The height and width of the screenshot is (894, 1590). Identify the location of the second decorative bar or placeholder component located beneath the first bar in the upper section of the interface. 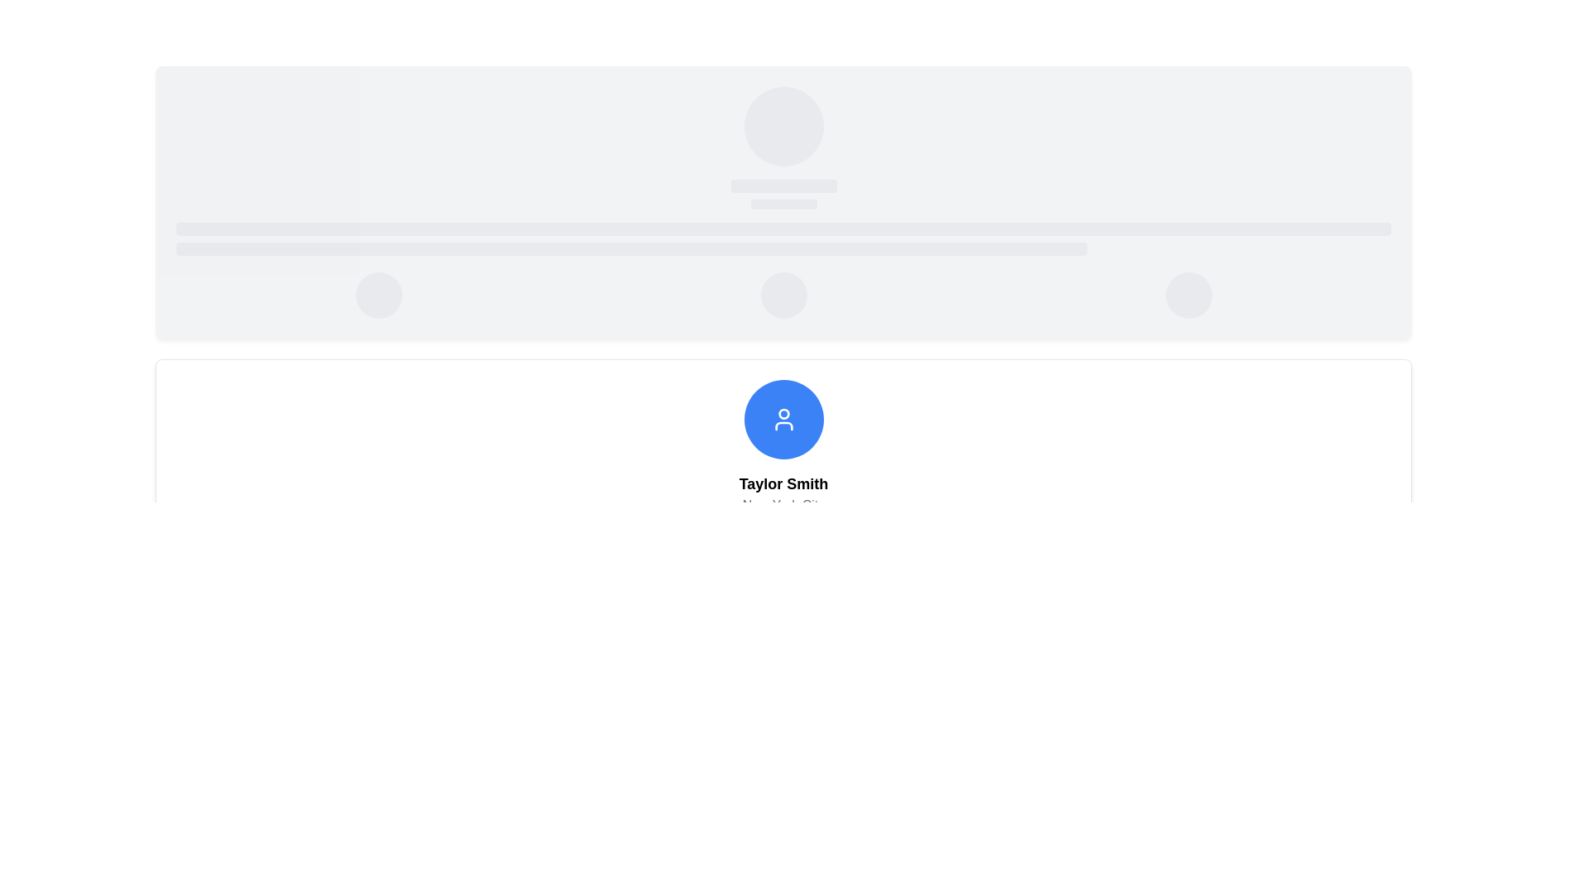
(631, 248).